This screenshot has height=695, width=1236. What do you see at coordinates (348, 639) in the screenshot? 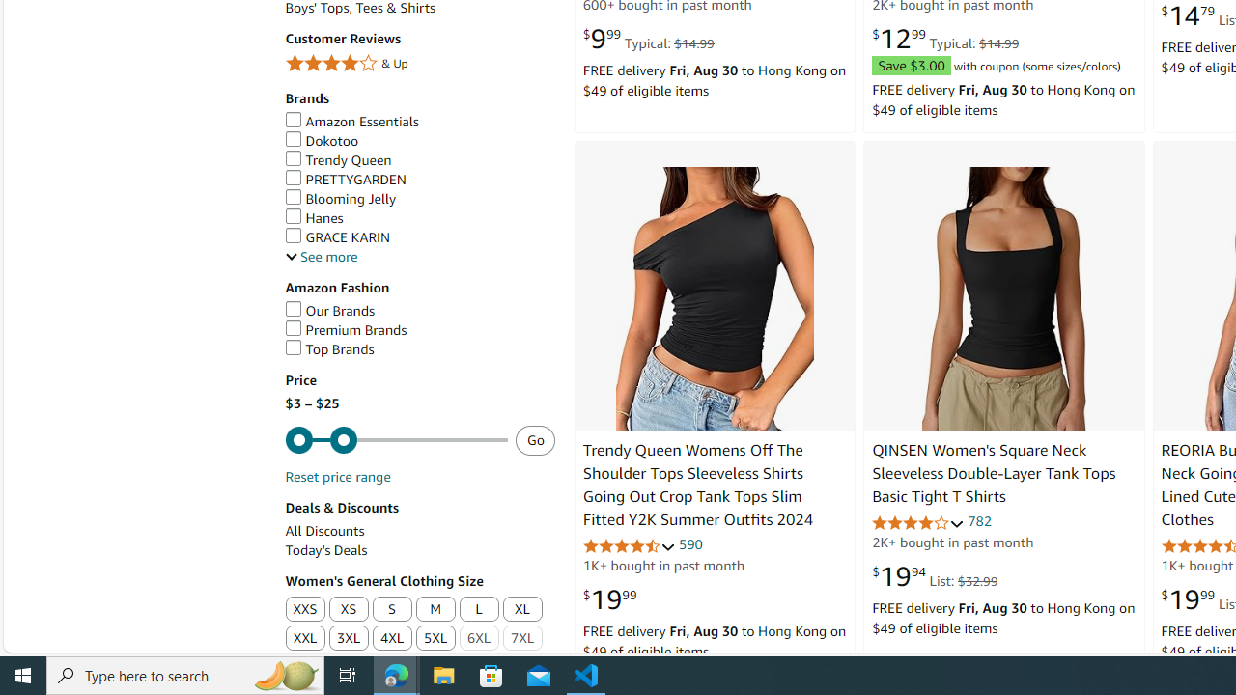
I see `'3XL'` at bounding box center [348, 639].